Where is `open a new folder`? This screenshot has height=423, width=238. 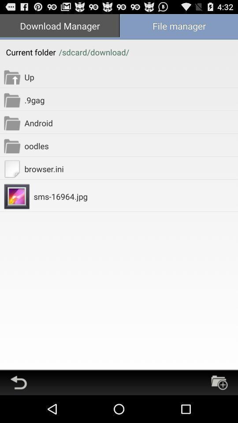 open a new folder is located at coordinates (219, 382).